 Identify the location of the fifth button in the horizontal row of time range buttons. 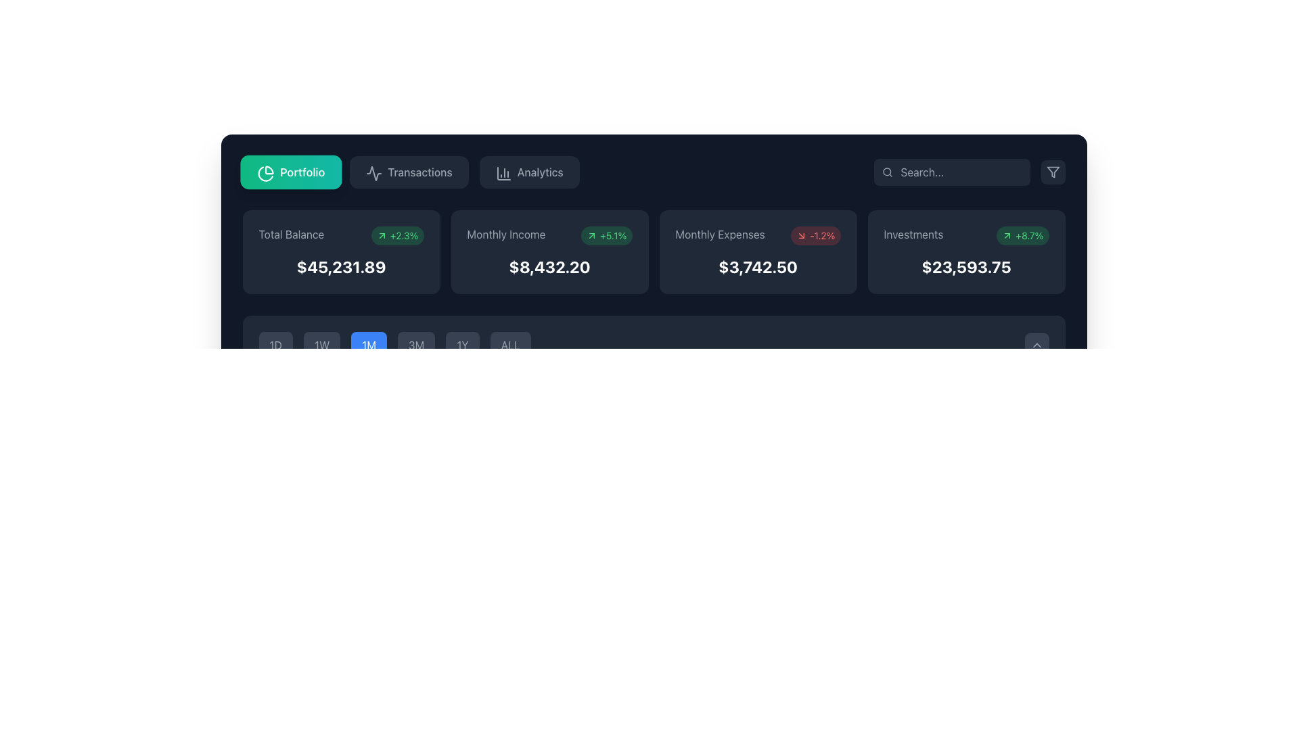
(463, 344).